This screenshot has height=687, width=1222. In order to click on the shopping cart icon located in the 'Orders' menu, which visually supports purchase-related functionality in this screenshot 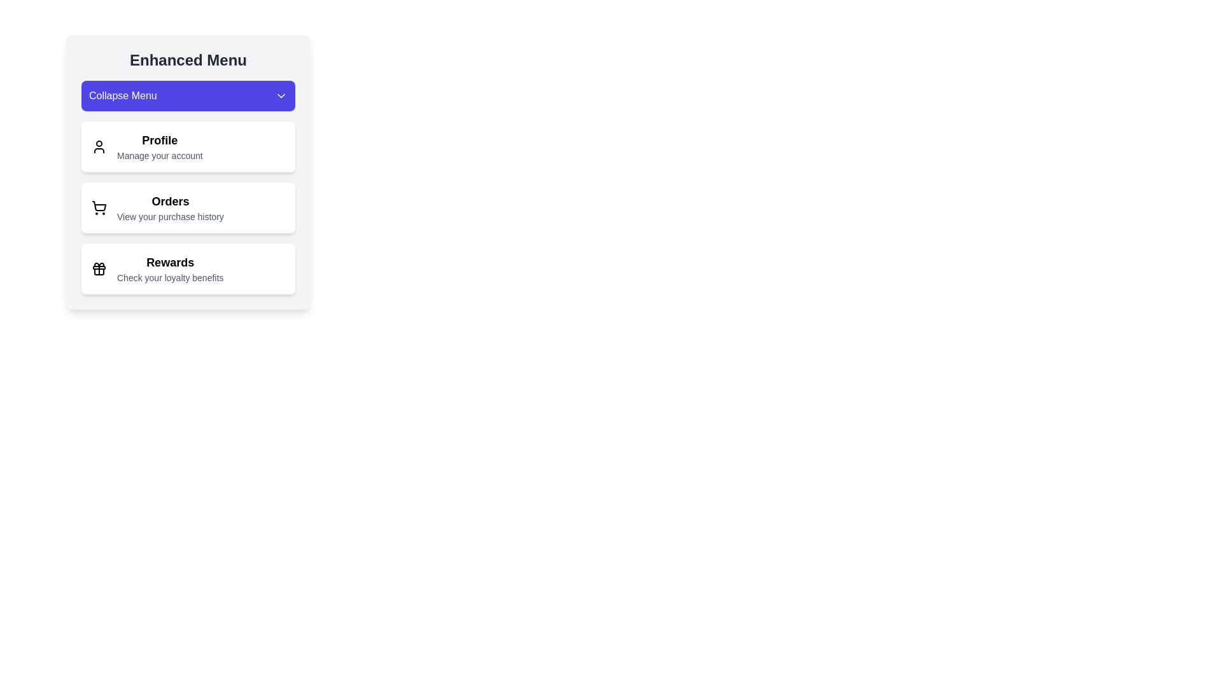, I will do `click(99, 205)`.